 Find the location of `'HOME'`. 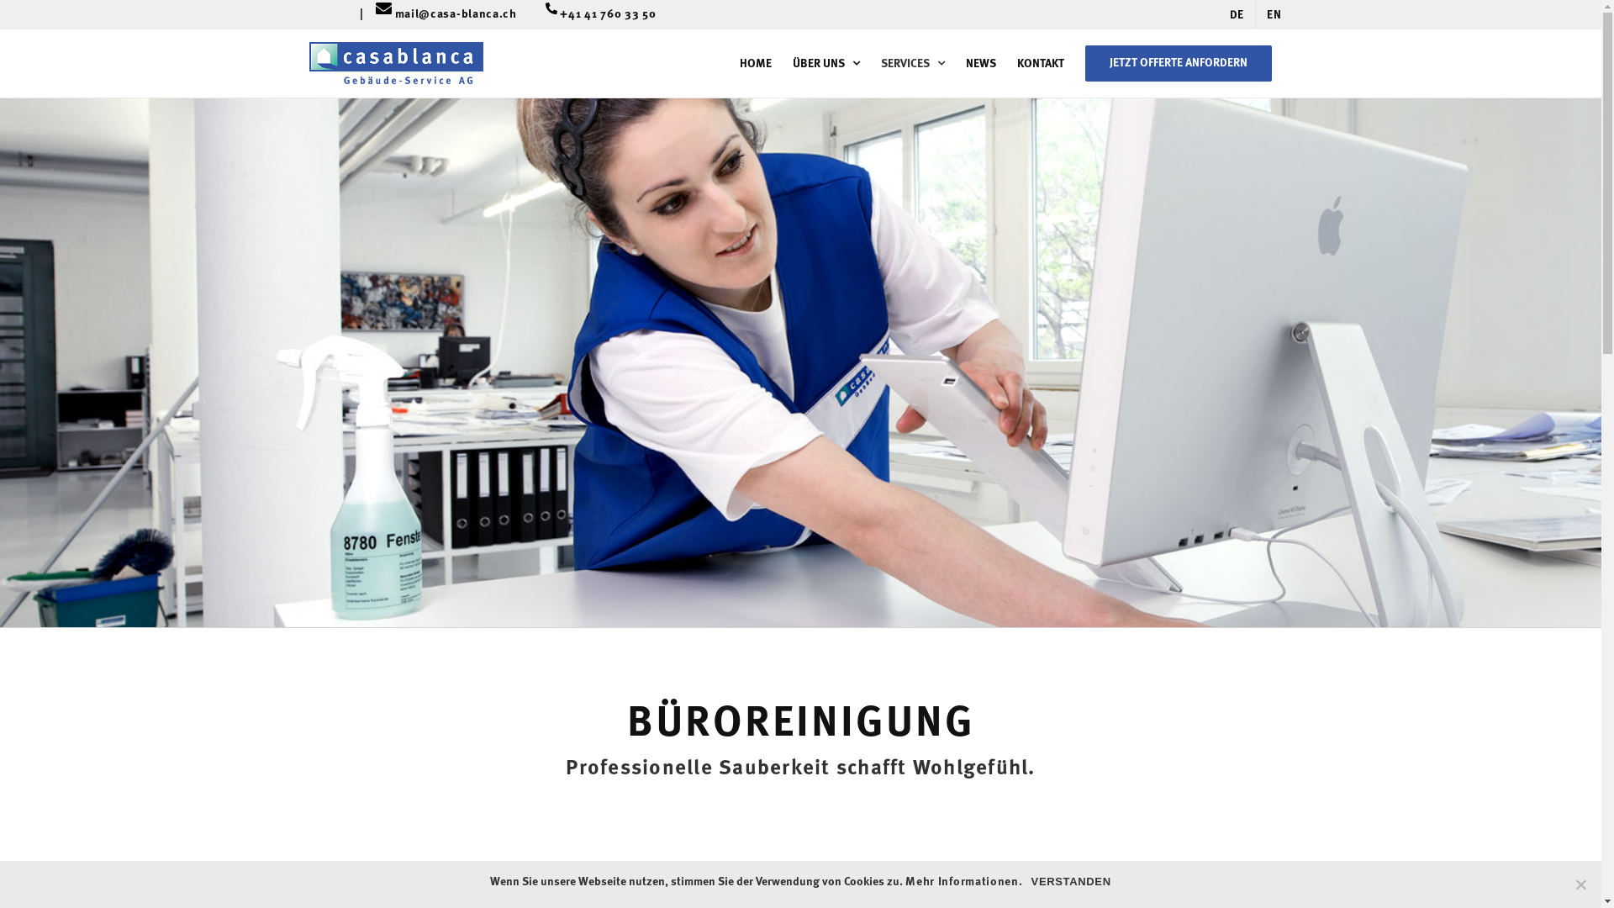

'HOME' is located at coordinates (754, 62).